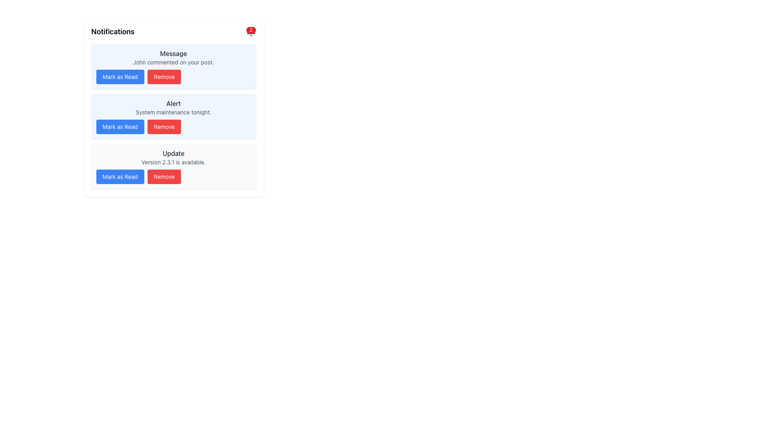  What do you see at coordinates (120, 127) in the screenshot?
I see `the button that marks the associated notification as read within the second notification card labeled 'Alert: System maintenance tonight.'` at bounding box center [120, 127].